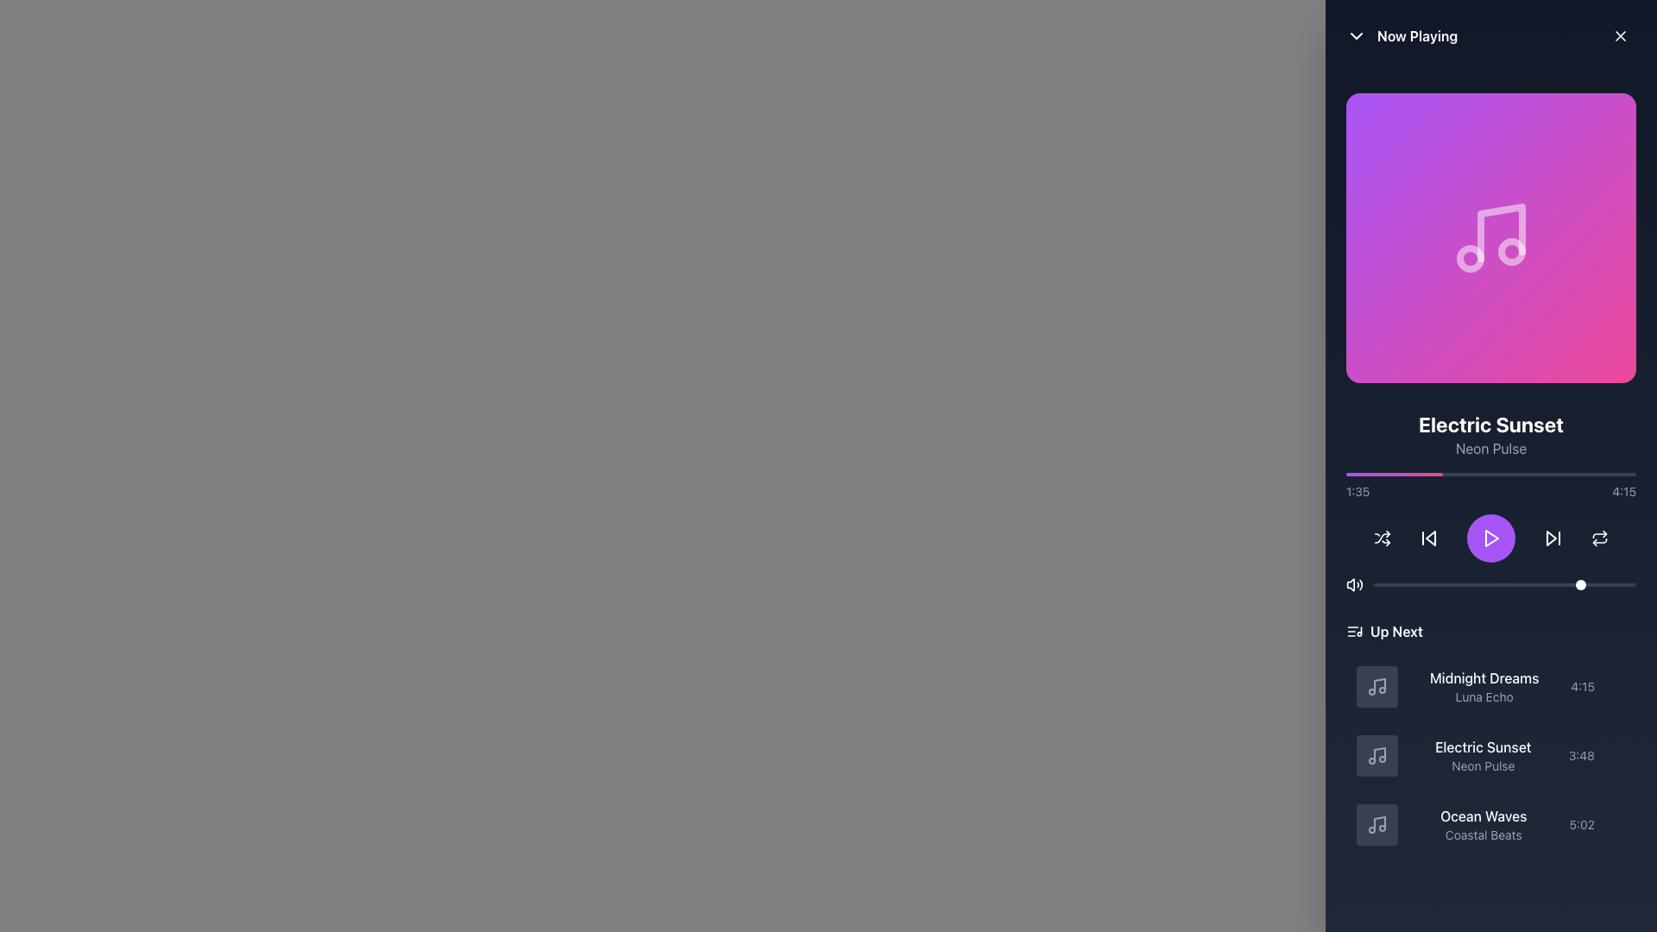 The height and width of the screenshot is (932, 1657). Describe the element at coordinates (1377, 685) in the screenshot. I see `the musical note icon` at that location.